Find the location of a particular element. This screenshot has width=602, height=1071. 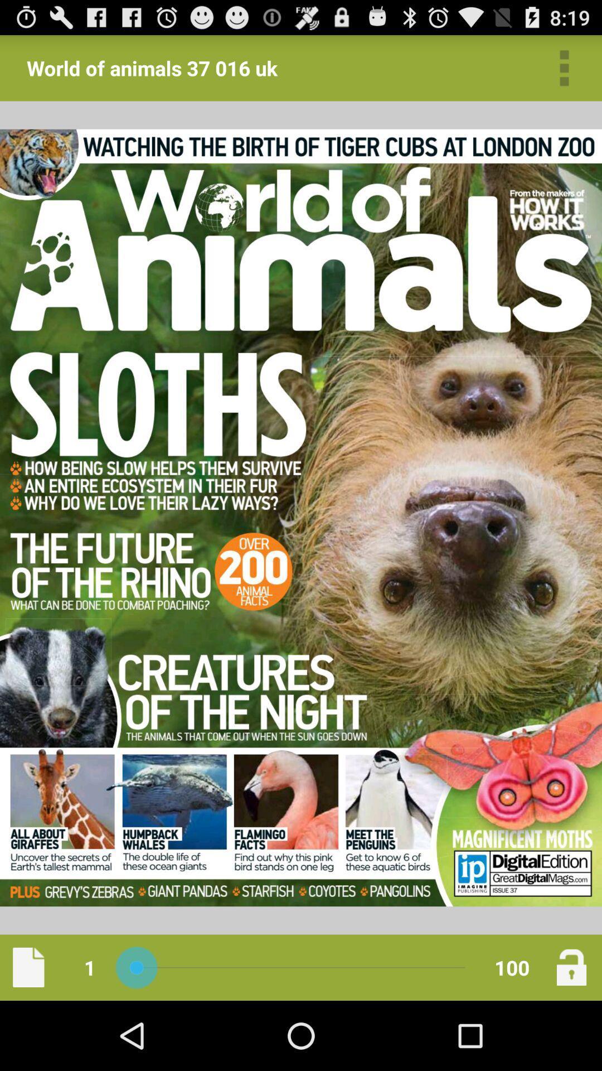

lock the page your on is located at coordinates (571, 967).